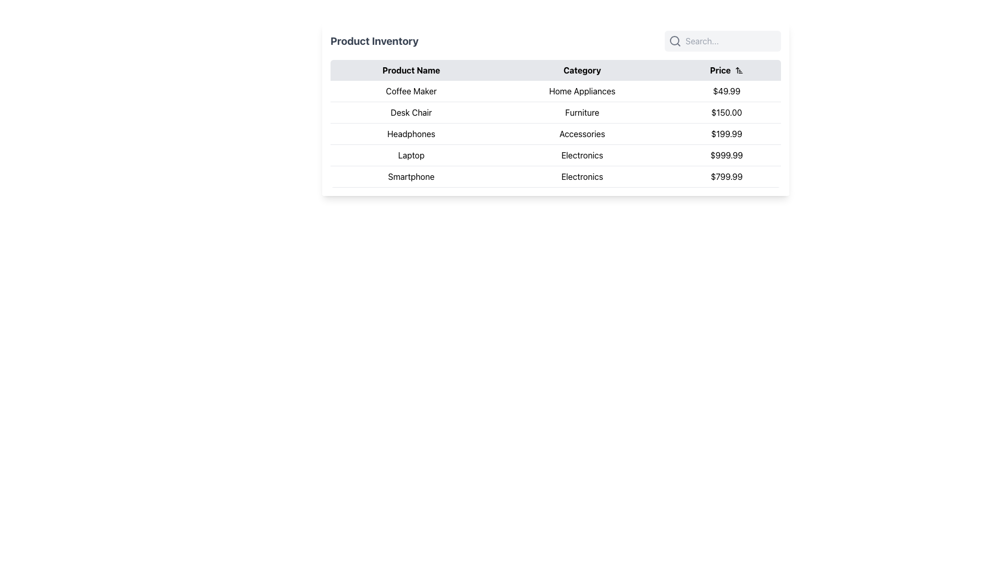  Describe the element at coordinates (726, 91) in the screenshot. I see `the static price display for the Coffee Maker product, which is located in the last column of the table under 'Price'` at that location.